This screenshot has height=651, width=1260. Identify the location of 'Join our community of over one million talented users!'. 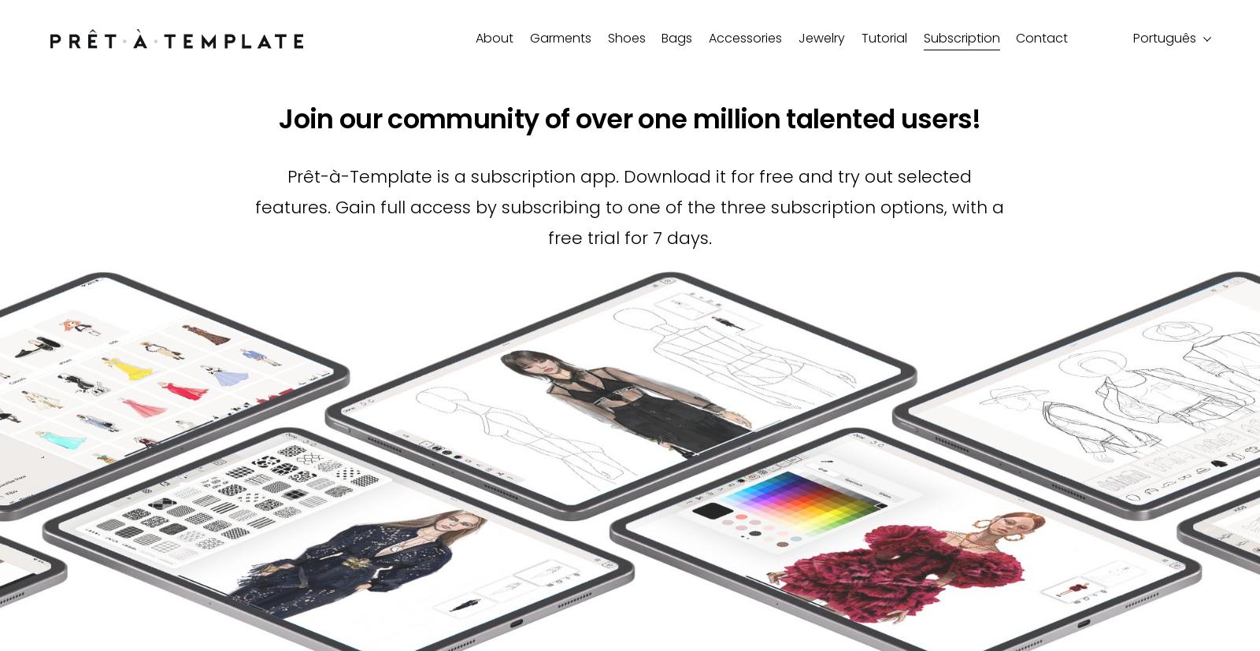
(629, 119).